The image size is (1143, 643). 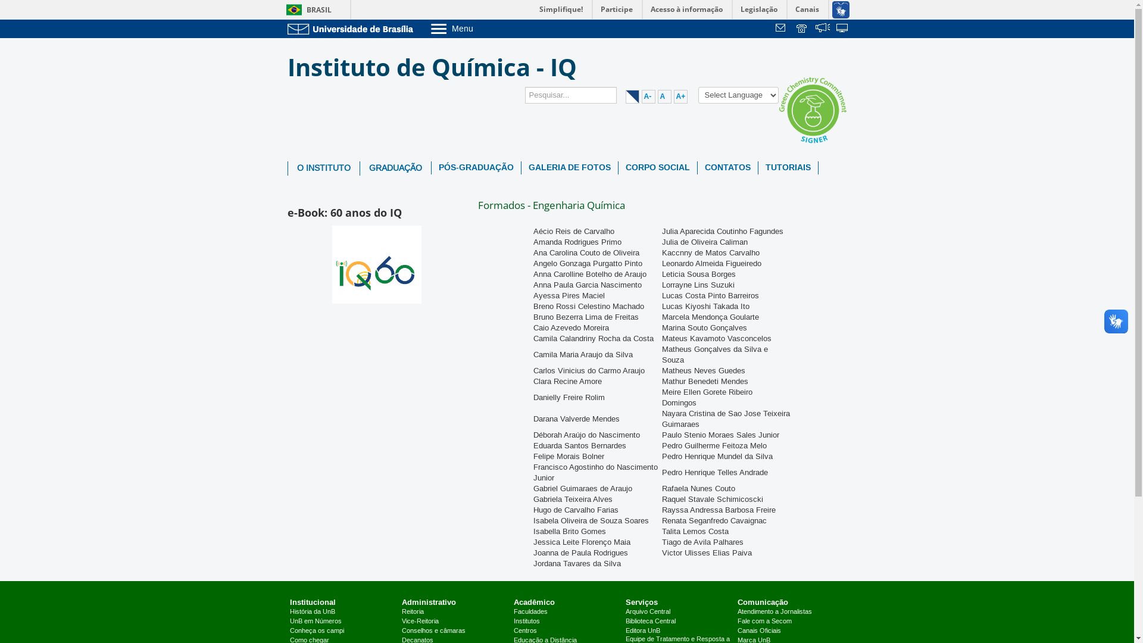 I want to click on 'Faculdades', so click(x=530, y=612).